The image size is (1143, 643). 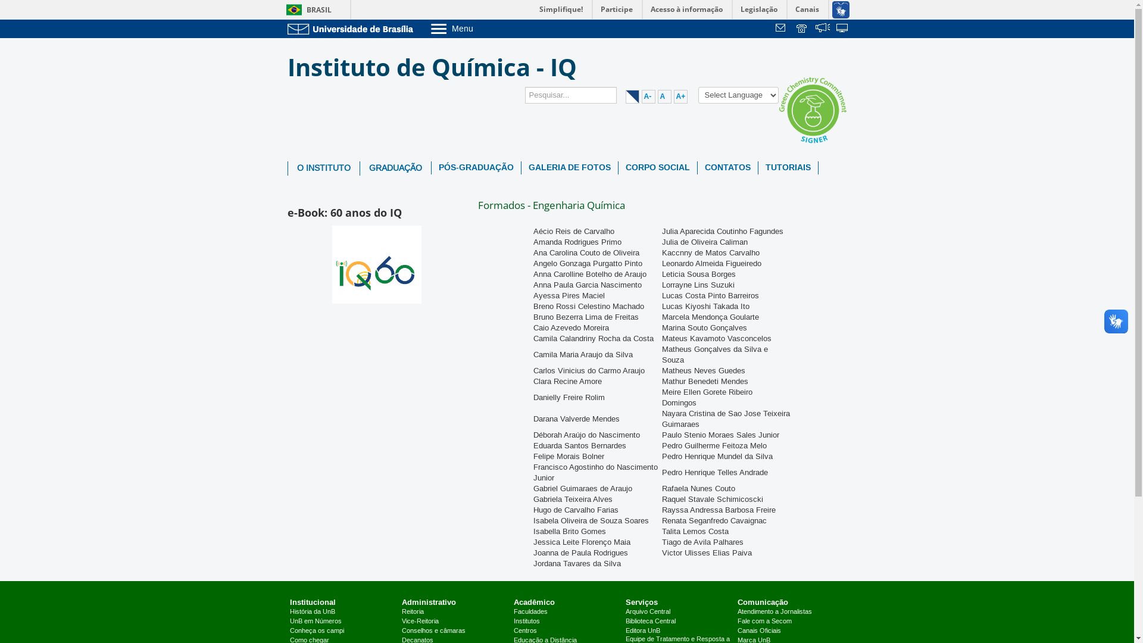 I want to click on 'Faculdades', so click(x=530, y=612).